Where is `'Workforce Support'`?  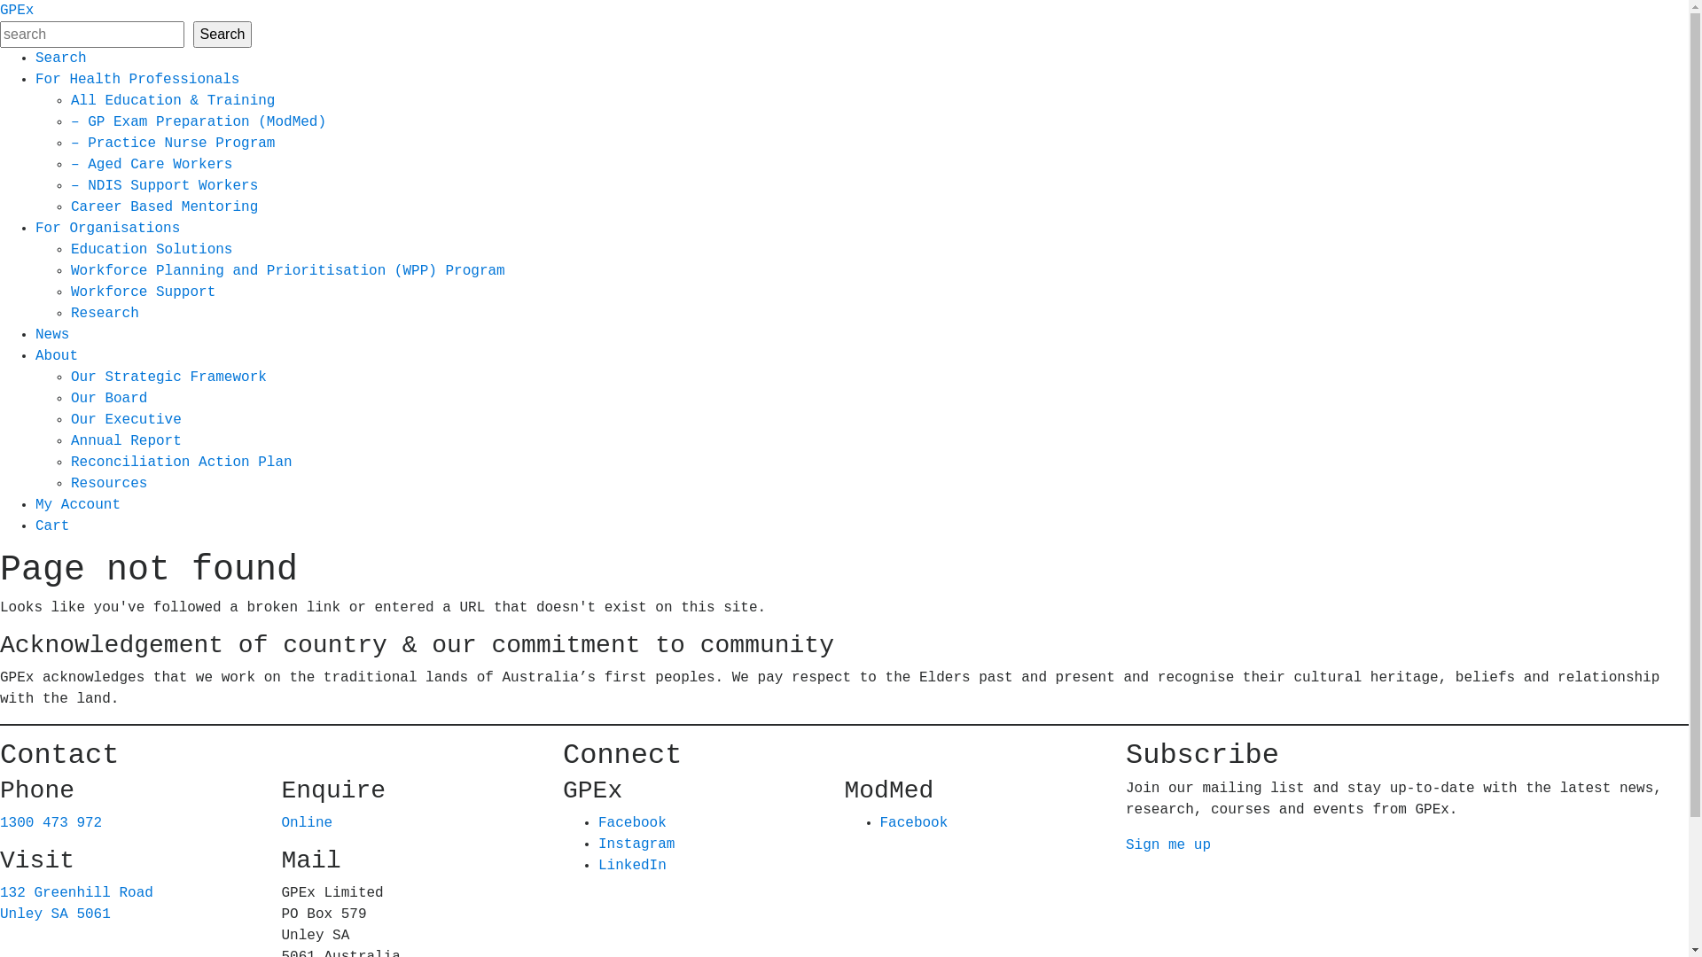
'Workforce Support' is located at coordinates (143, 292).